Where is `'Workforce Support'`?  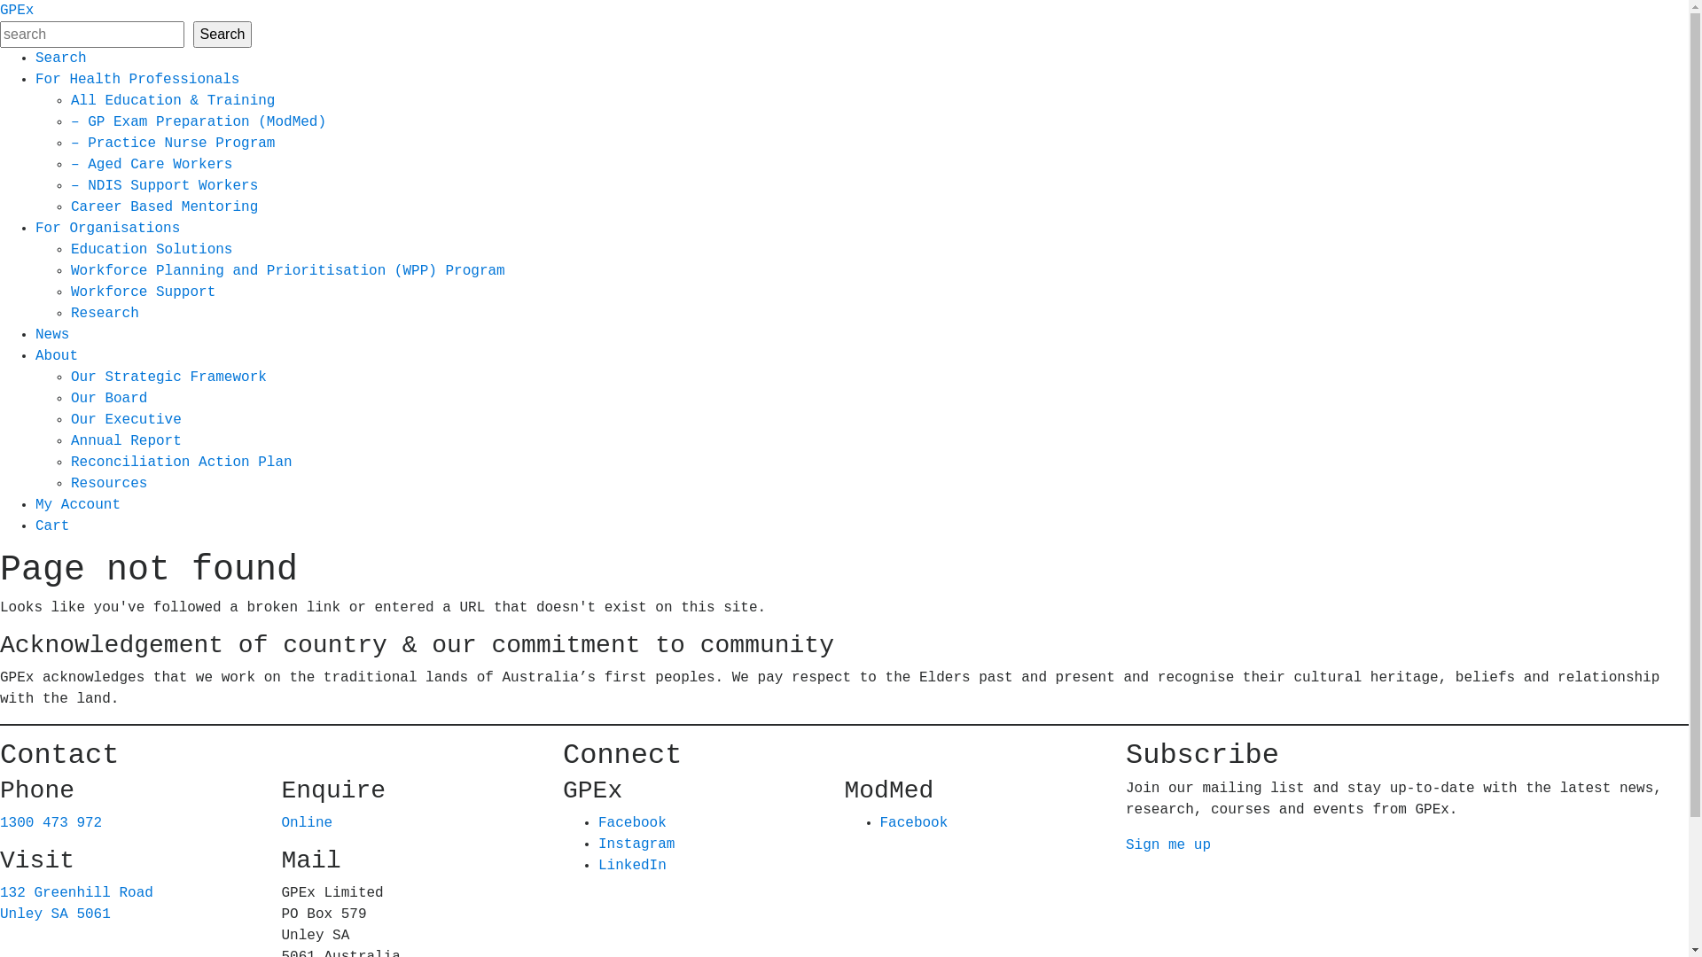
'Workforce Support' is located at coordinates (143, 292).